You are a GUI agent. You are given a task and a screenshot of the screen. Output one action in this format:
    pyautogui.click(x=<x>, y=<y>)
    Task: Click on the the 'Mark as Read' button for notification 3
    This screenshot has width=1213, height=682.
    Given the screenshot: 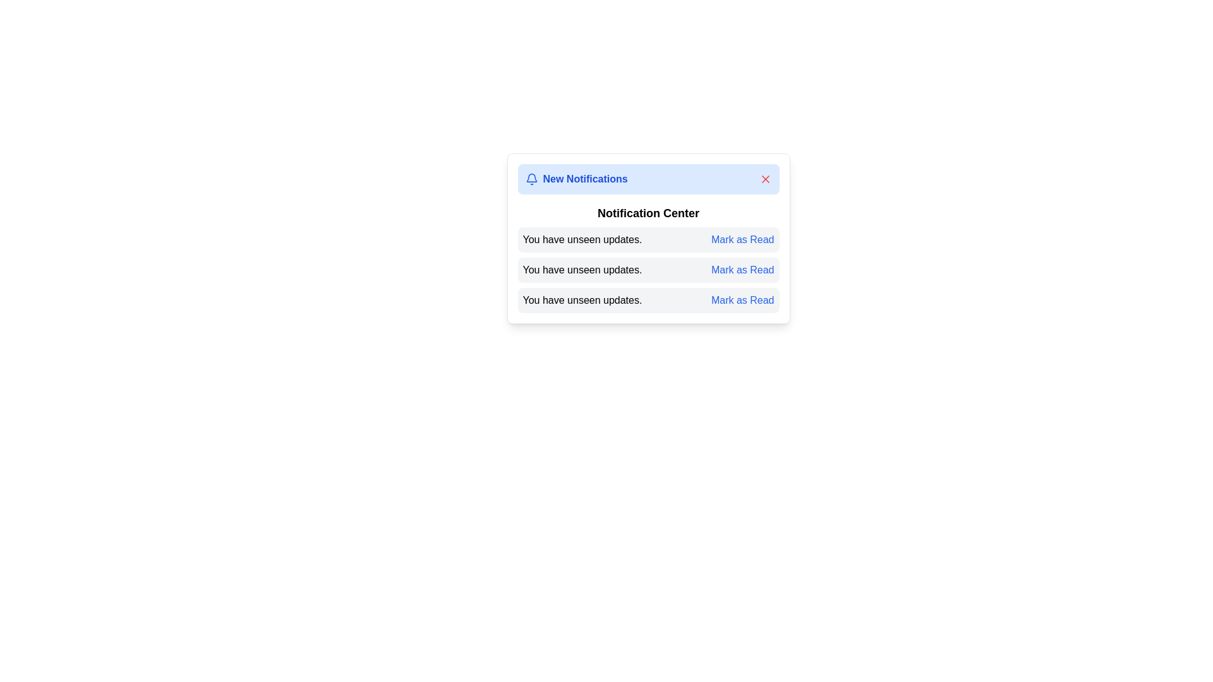 What is the action you would take?
    pyautogui.click(x=742, y=300)
    